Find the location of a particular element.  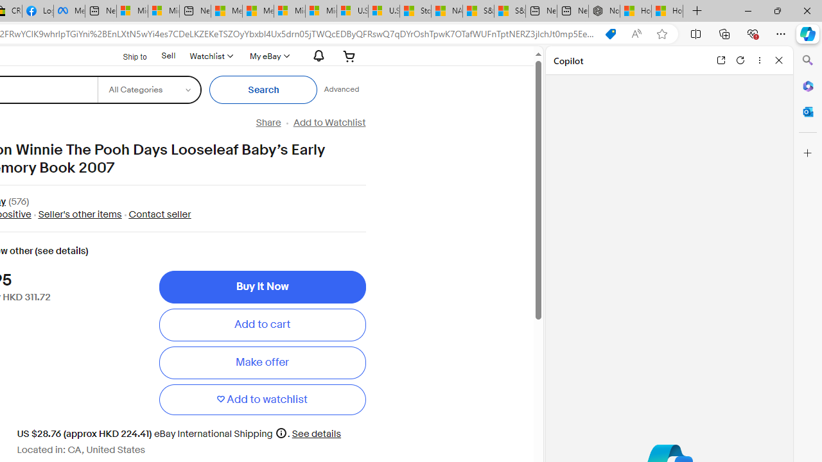

'Sell' is located at coordinates (168, 55).